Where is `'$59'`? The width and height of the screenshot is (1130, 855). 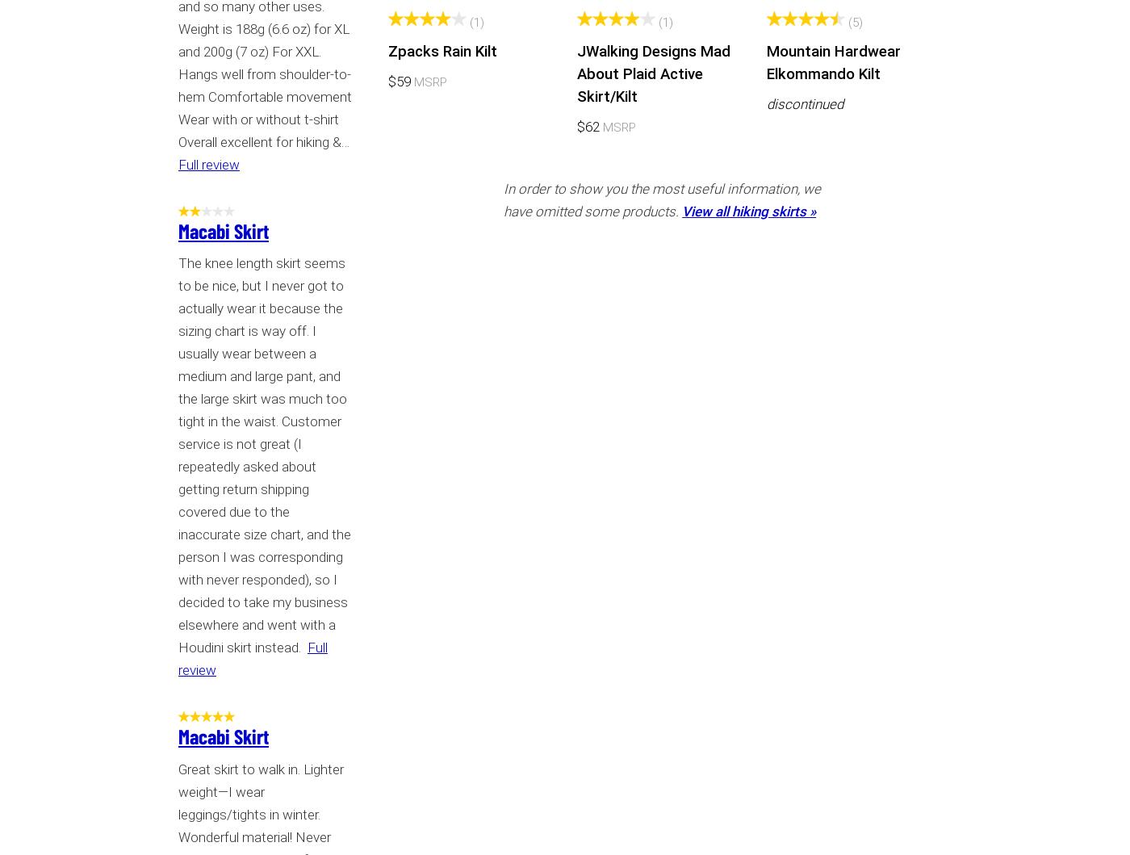
'$59' is located at coordinates (400, 80).